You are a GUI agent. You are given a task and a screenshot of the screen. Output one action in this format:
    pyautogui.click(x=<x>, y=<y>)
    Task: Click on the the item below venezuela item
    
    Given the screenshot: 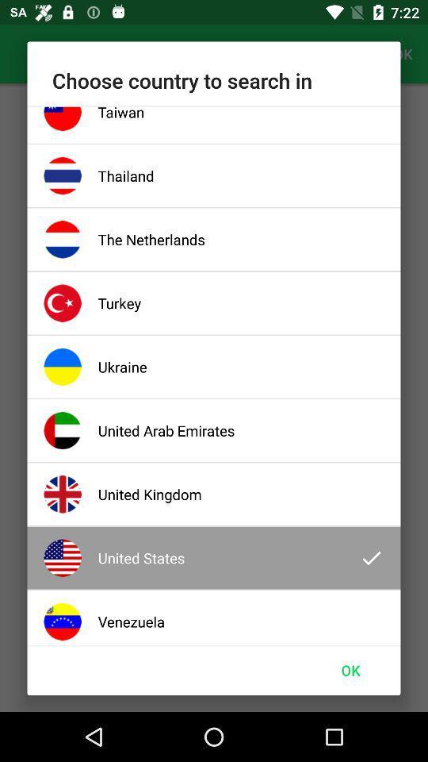 What is the action you would take?
    pyautogui.click(x=350, y=669)
    